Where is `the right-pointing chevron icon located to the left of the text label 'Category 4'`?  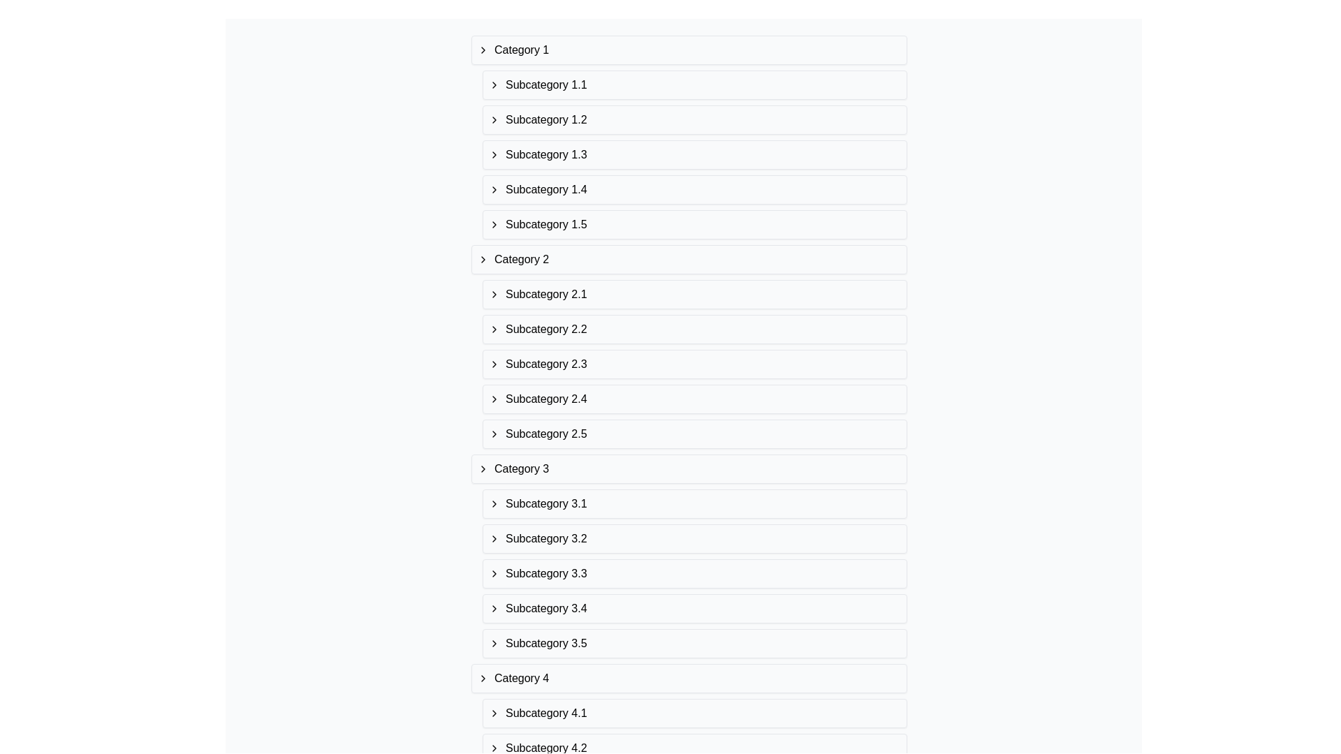 the right-pointing chevron icon located to the left of the text label 'Category 4' is located at coordinates (483, 678).